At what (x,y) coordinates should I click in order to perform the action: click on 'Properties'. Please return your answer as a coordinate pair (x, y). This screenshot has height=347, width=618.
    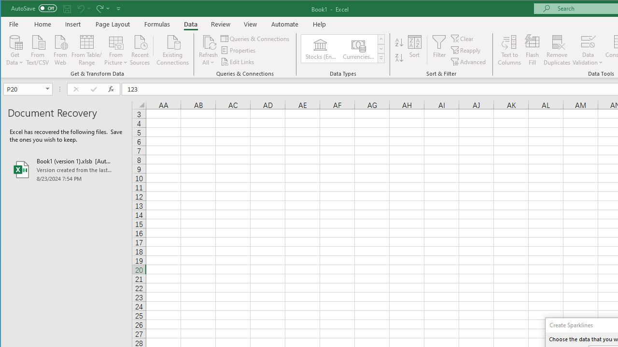
    Looking at the image, I should click on (239, 50).